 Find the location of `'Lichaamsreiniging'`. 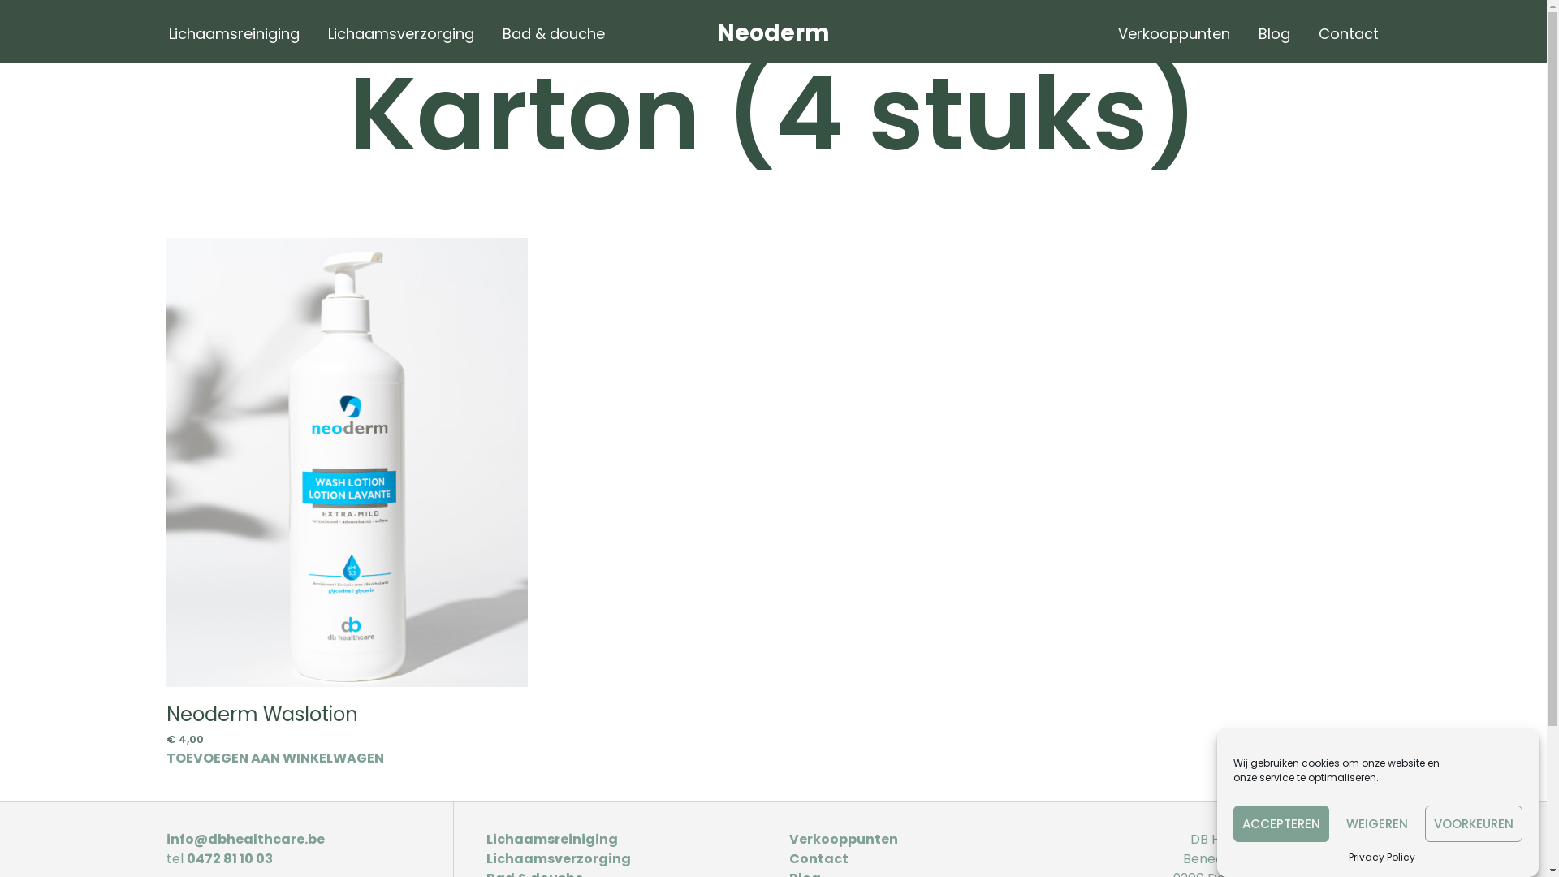

'Lichaamsreiniging' is located at coordinates (552, 839).